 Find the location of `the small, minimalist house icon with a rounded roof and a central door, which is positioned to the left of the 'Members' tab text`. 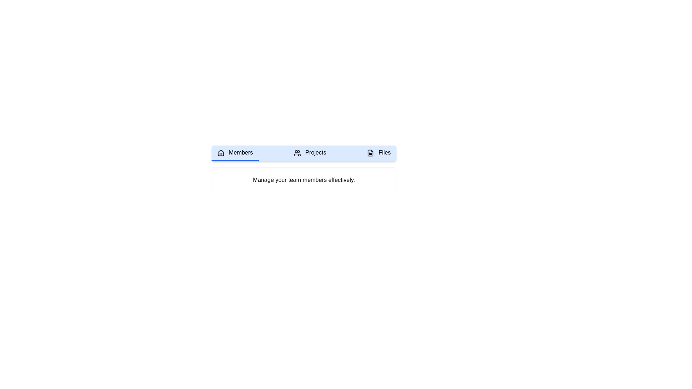

the small, minimalist house icon with a rounded roof and a central door, which is positioned to the left of the 'Members' tab text is located at coordinates (220, 152).